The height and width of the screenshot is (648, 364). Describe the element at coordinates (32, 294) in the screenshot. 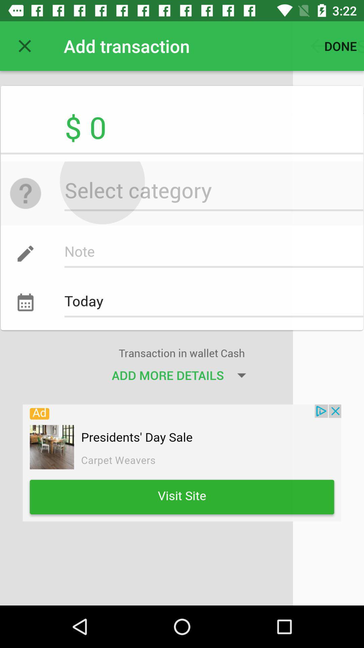

I see `the calendar date option` at that location.